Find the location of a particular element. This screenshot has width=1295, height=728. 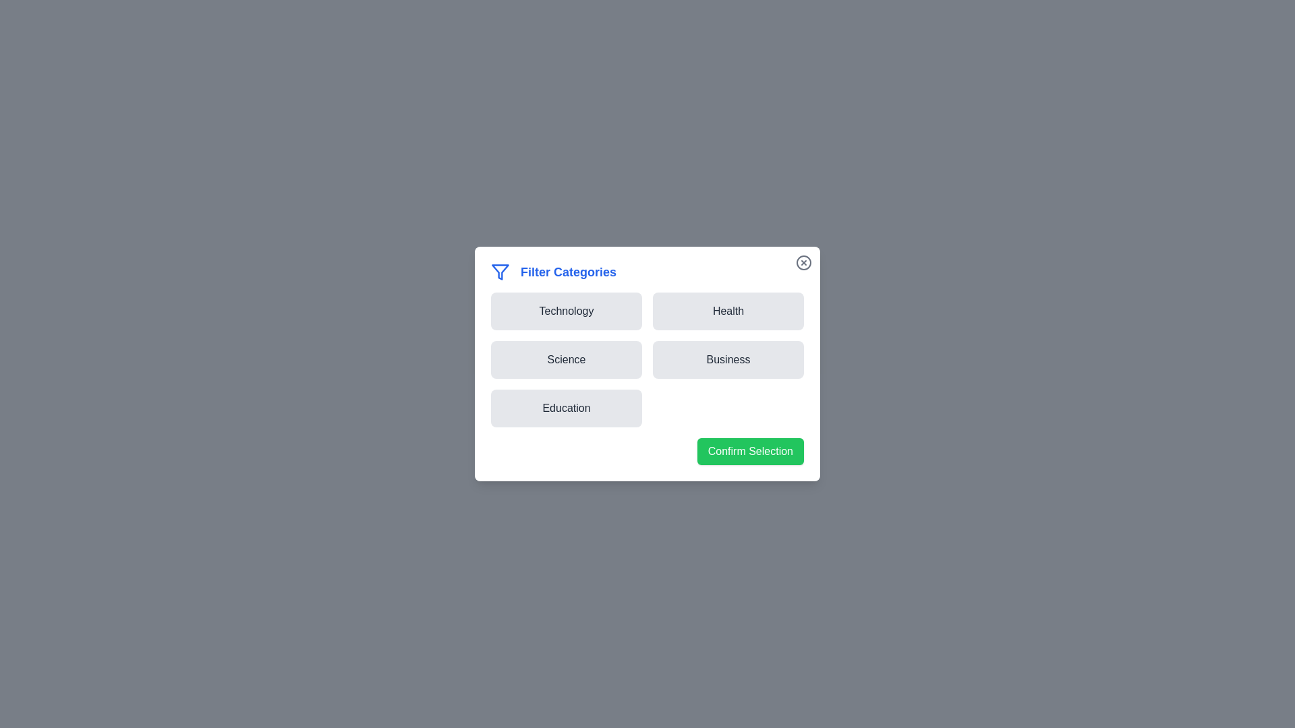

the button corresponding to the category Education is located at coordinates (567, 407).